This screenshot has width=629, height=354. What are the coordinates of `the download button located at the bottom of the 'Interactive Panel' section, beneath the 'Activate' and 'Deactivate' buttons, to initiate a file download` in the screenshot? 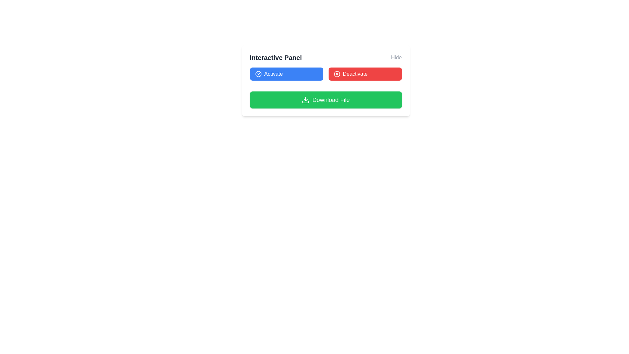 It's located at (326, 97).